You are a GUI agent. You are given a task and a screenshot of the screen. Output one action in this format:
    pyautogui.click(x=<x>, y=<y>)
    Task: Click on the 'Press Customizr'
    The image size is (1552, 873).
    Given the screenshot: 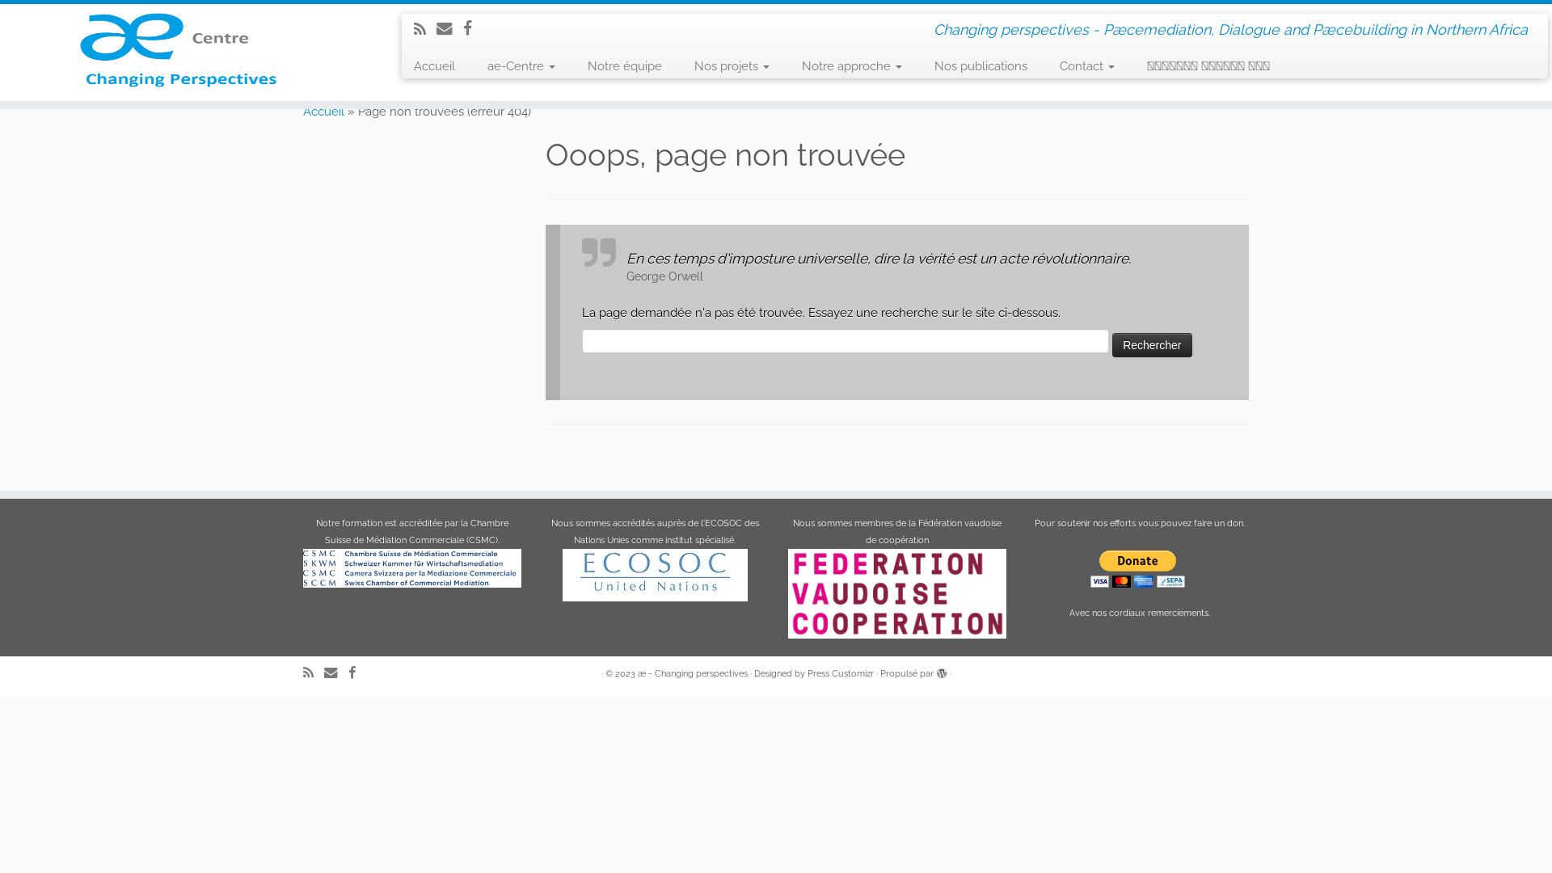 What is the action you would take?
    pyautogui.click(x=839, y=673)
    